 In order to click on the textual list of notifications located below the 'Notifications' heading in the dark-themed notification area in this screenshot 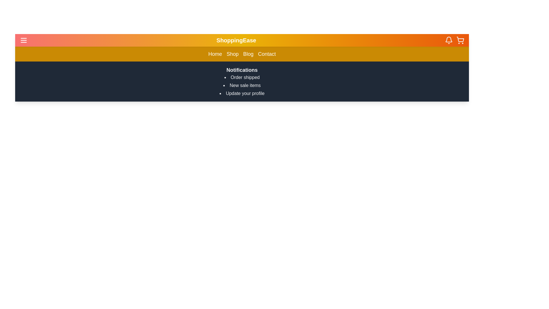, I will do `click(242, 86)`.